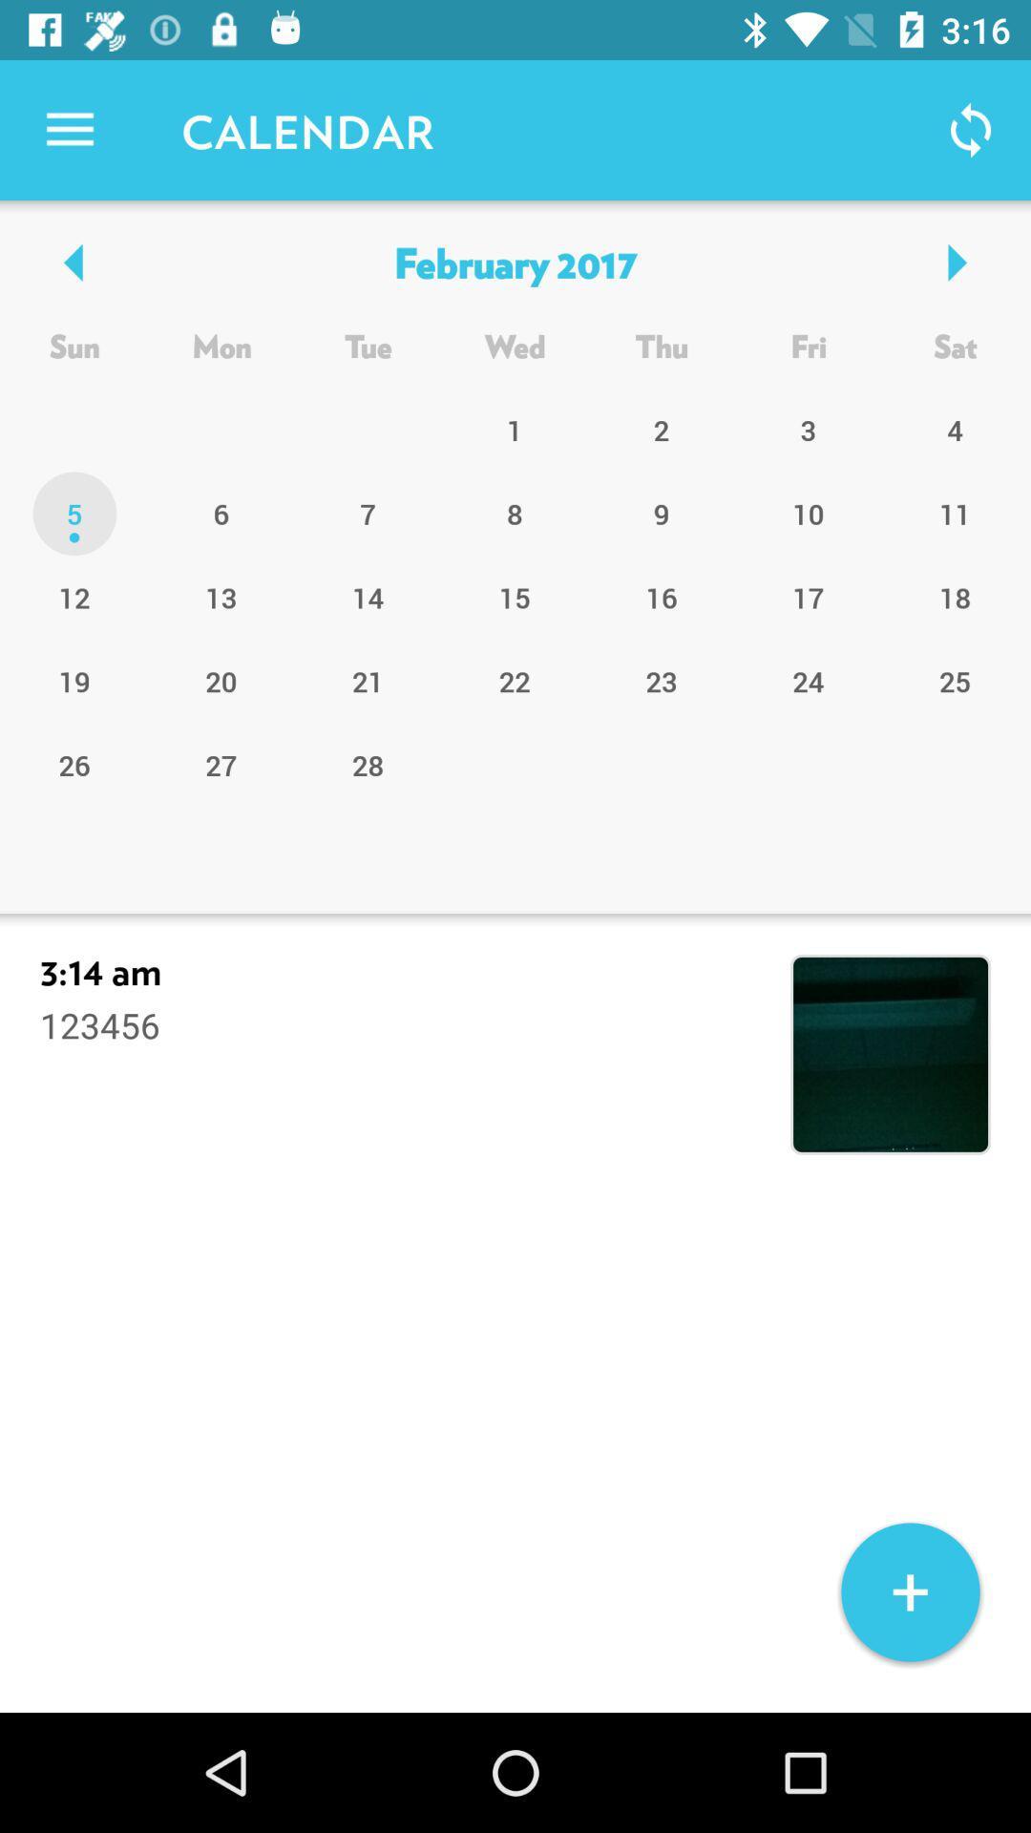 The height and width of the screenshot is (1833, 1031). Describe the element at coordinates (955, 261) in the screenshot. I see `the play icon` at that location.